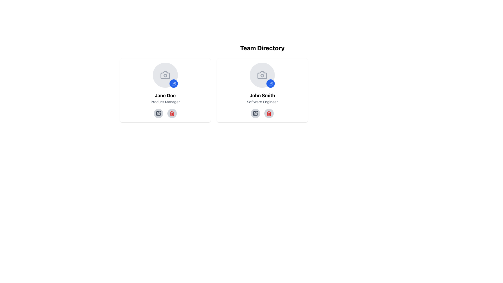  Describe the element at coordinates (271, 83) in the screenshot. I see `the small pen-shaped icon located within a blue circle, which represents an editing action, situated in the top right quadrant of the profile image within the John Smith card` at that location.